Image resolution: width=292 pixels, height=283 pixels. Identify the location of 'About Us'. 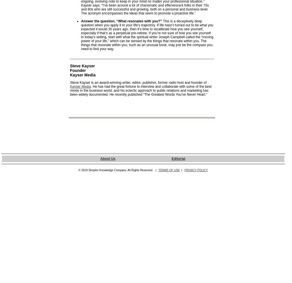
(107, 159).